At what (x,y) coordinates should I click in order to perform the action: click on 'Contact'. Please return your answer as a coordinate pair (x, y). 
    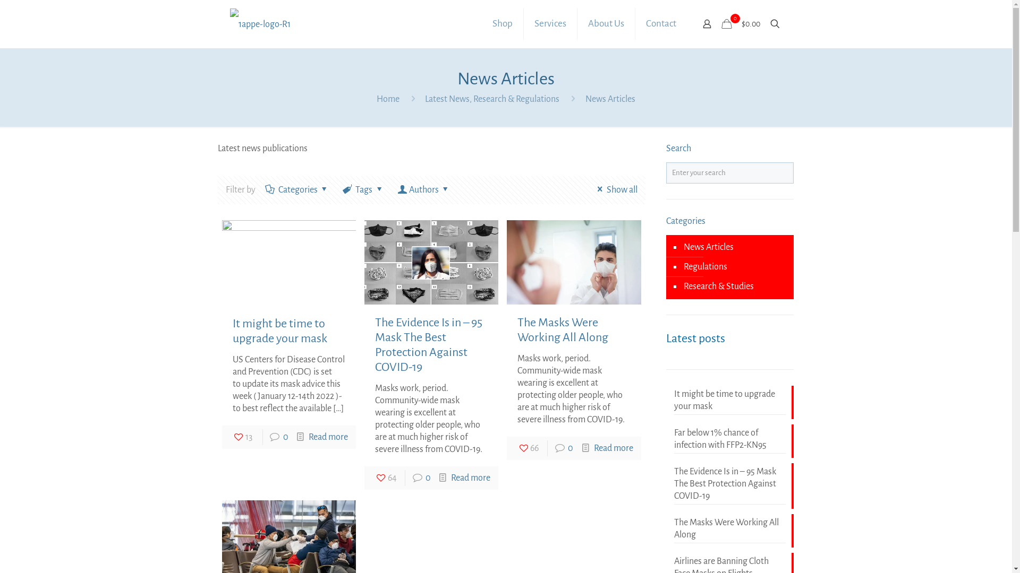
    Looking at the image, I should click on (660, 24).